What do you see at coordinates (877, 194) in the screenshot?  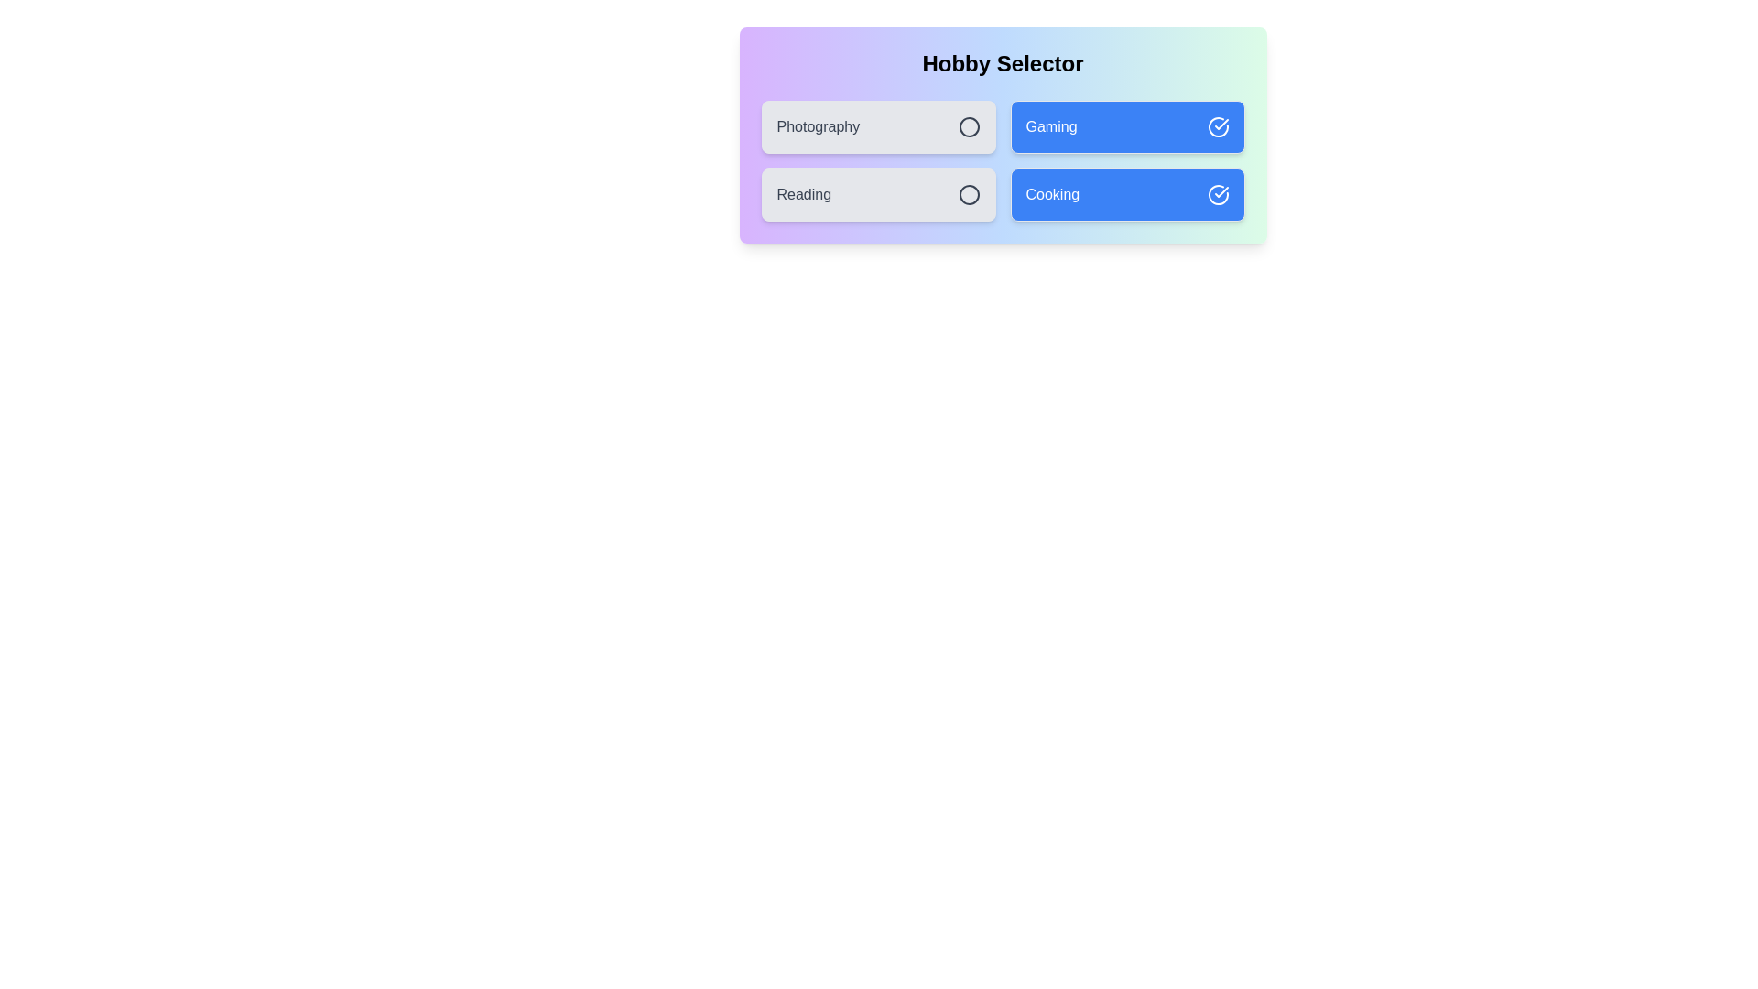 I see `the item labeled Reading to observe the visual effect` at bounding box center [877, 194].